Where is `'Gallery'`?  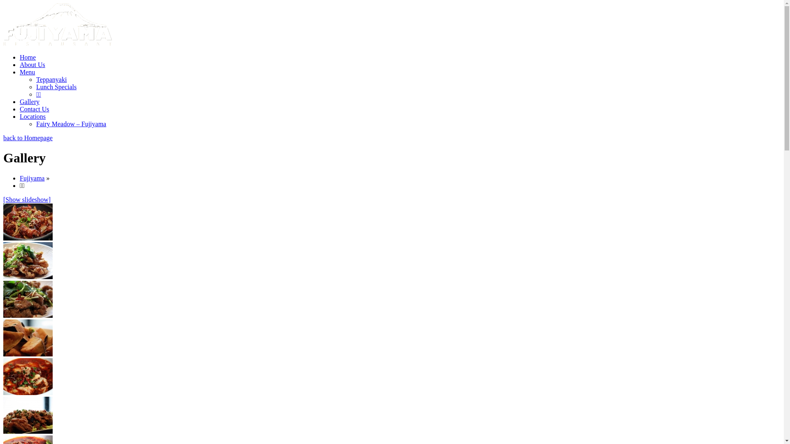
'Gallery' is located at coordinates (30, 101).